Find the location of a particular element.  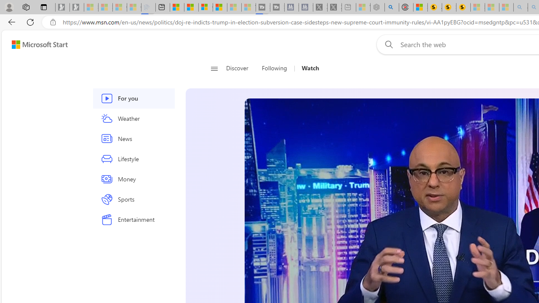

'Skip to content' is located at coordinates (36, 44).